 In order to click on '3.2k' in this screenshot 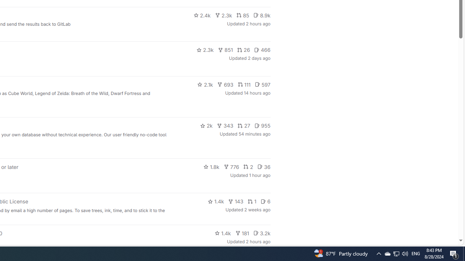, I will do `click(262, 233)`.